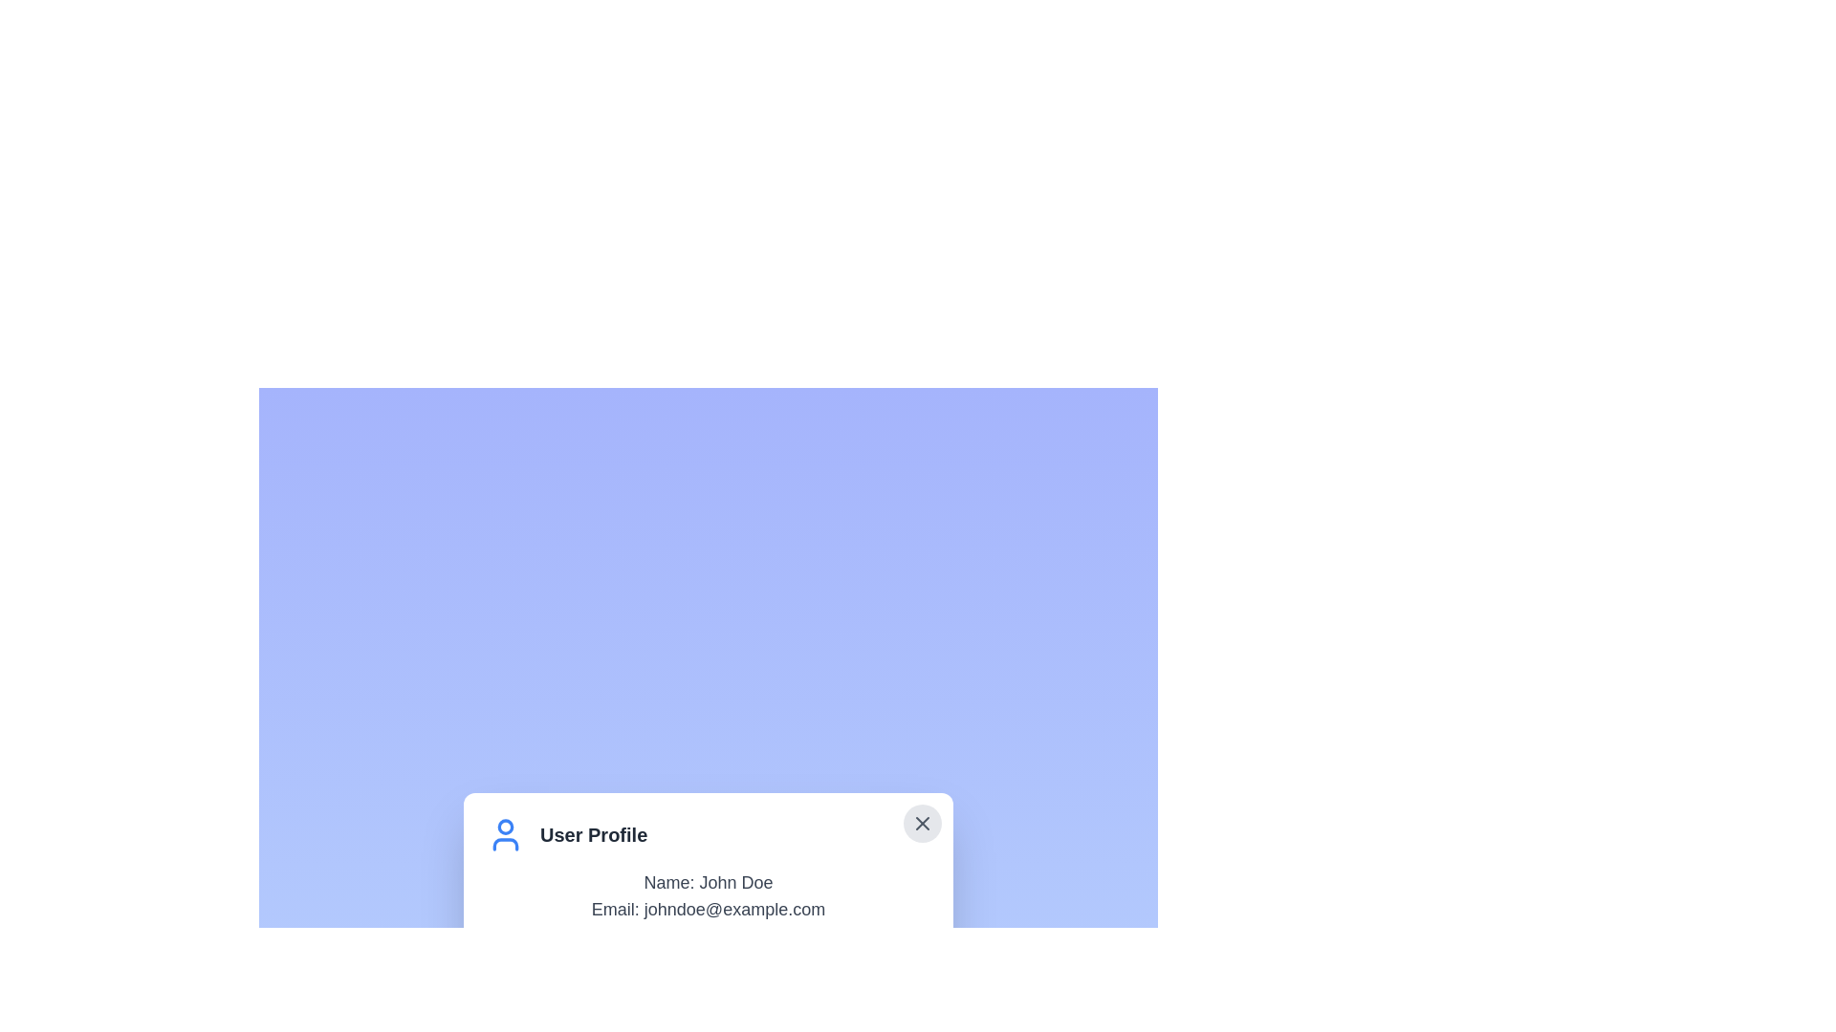 The image size is (1836, 1032). What do you see at coordinates (922, 822) in the screenshot?
I see `the Close Button (SVG Icon) located at the top-right corner of the user profile card to trigger a tooltip or visual effect` at bounding box center [922, 822].